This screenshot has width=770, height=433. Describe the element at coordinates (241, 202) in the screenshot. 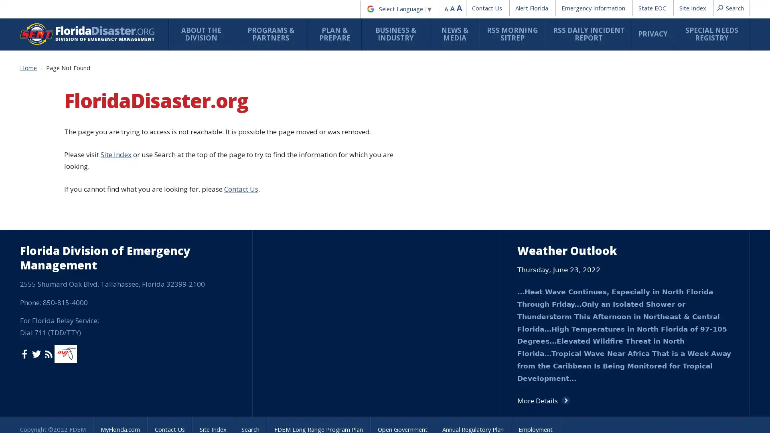

I see `Toggle More` at that location.